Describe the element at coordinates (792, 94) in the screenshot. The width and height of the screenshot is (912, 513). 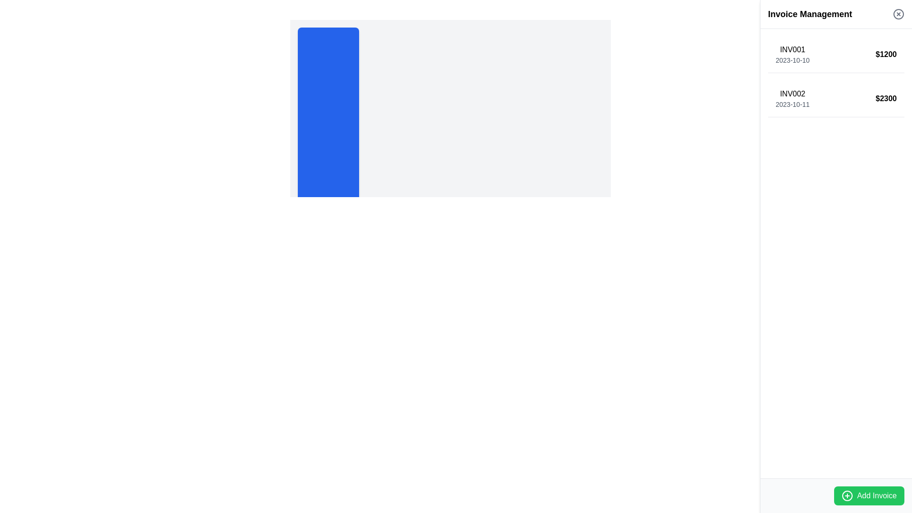
I see `the static text element displaying 'INV002' in the 'Invoice Management' panel, which is styled in medium font weight and positioned above the date text within the invoice list interface` at that location.